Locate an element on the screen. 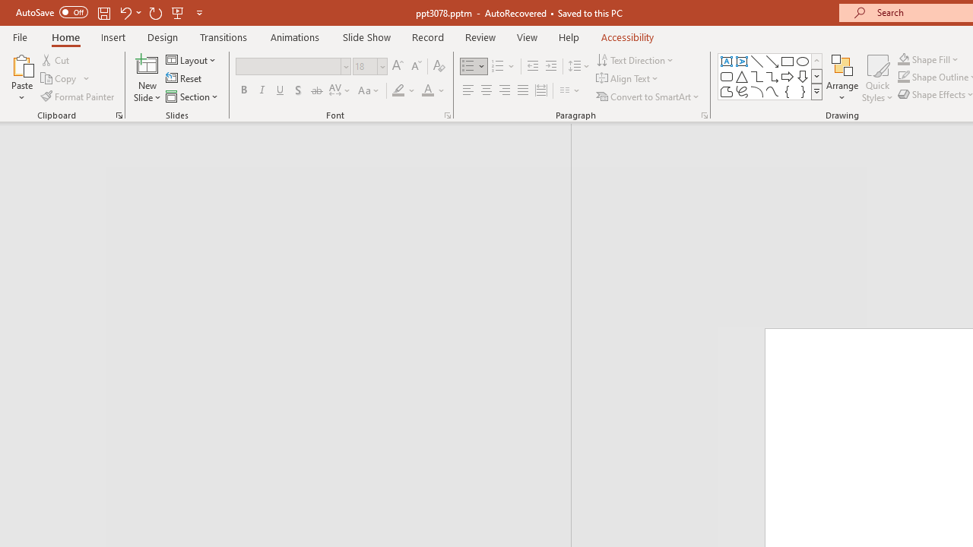  'Accessibility' is located at coordinates (628, 36).